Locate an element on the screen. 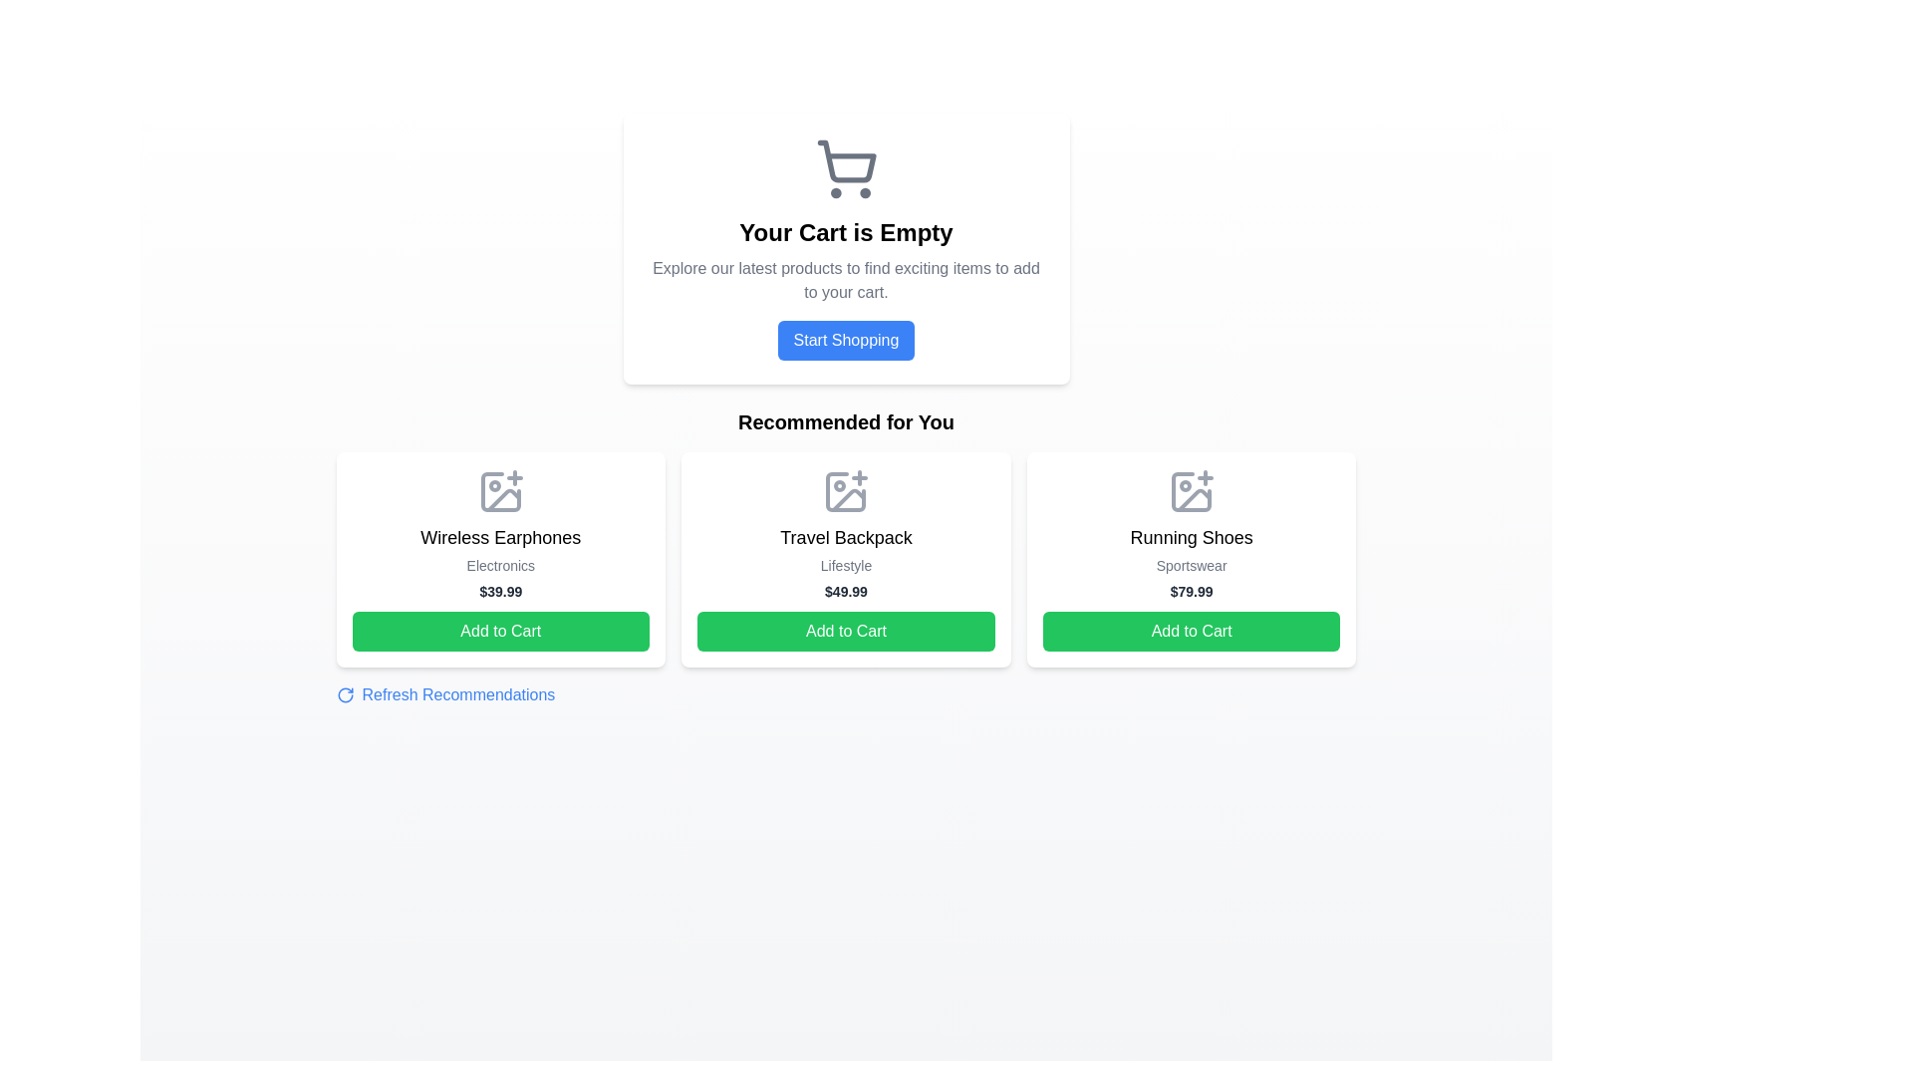 Image resolution: width=1913 pixels, height=1076 pixels. the 'Start Shopping' button with a blue background and white text located below the heading 'Your Cart is Empty' and the text 'Explore our latest products to find exciting items is located at coordinates (846, 340).